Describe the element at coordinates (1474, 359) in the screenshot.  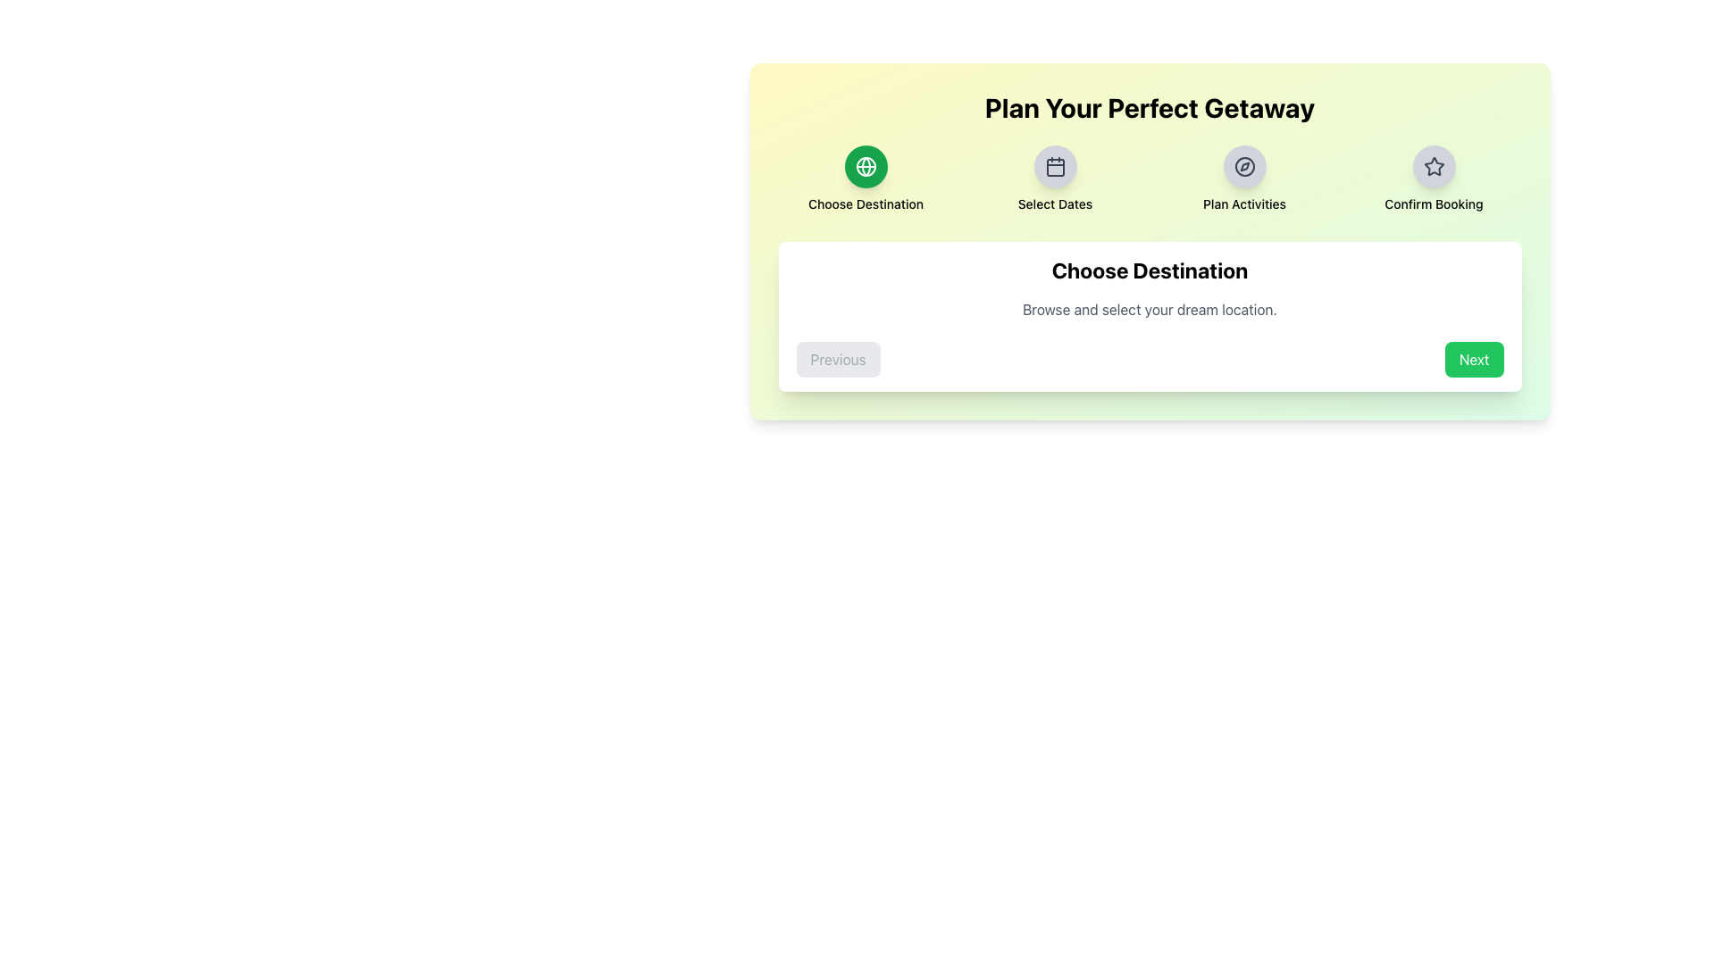
I see `the green 'Next' button with rounded edges to proceed` at that location.